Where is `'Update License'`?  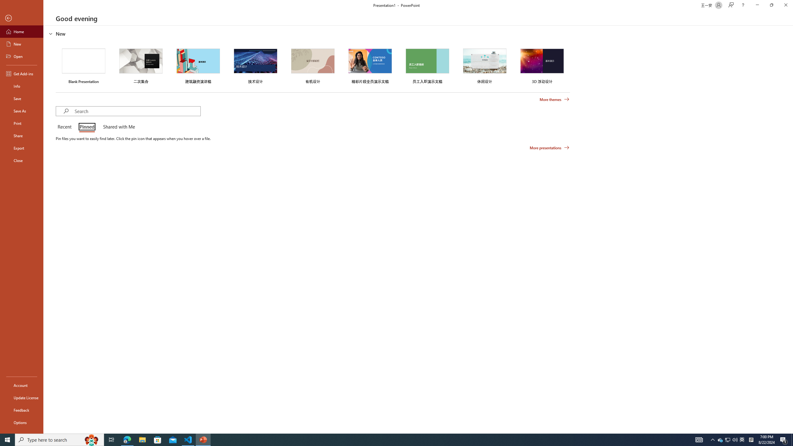 'Update License' is located at coordinates (21, 397).